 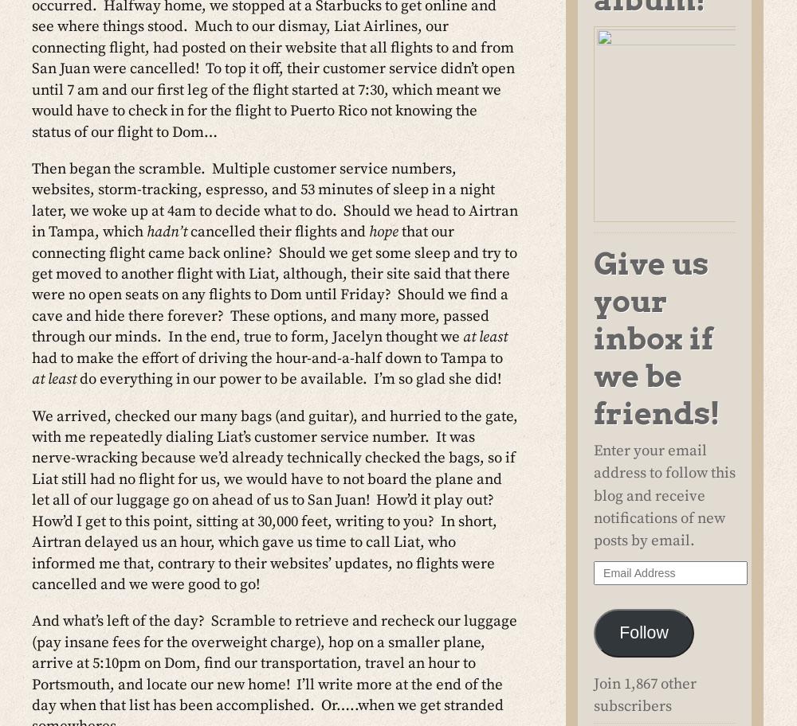 I want to click on 'Follow', so click(x=643, y=631).